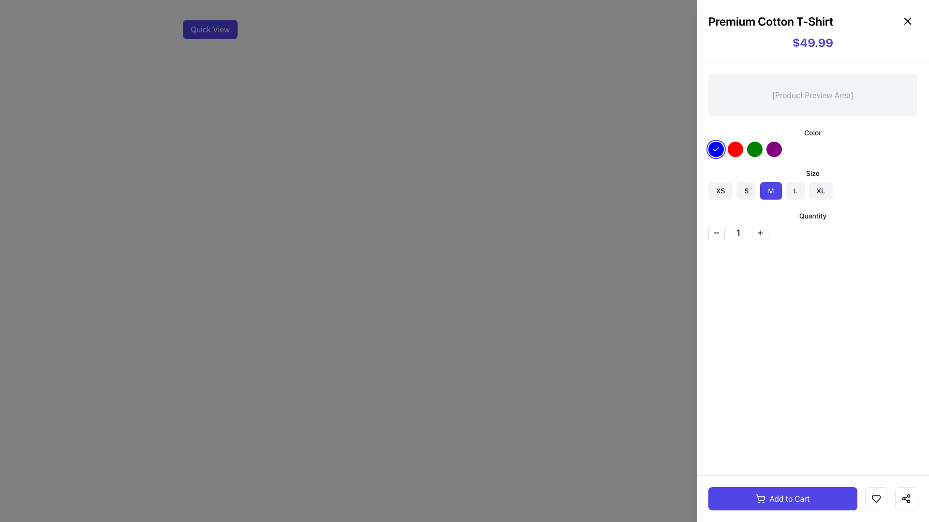  I want to click on the 'XL' size button to ensure the selection is updated, so click(820, 190).